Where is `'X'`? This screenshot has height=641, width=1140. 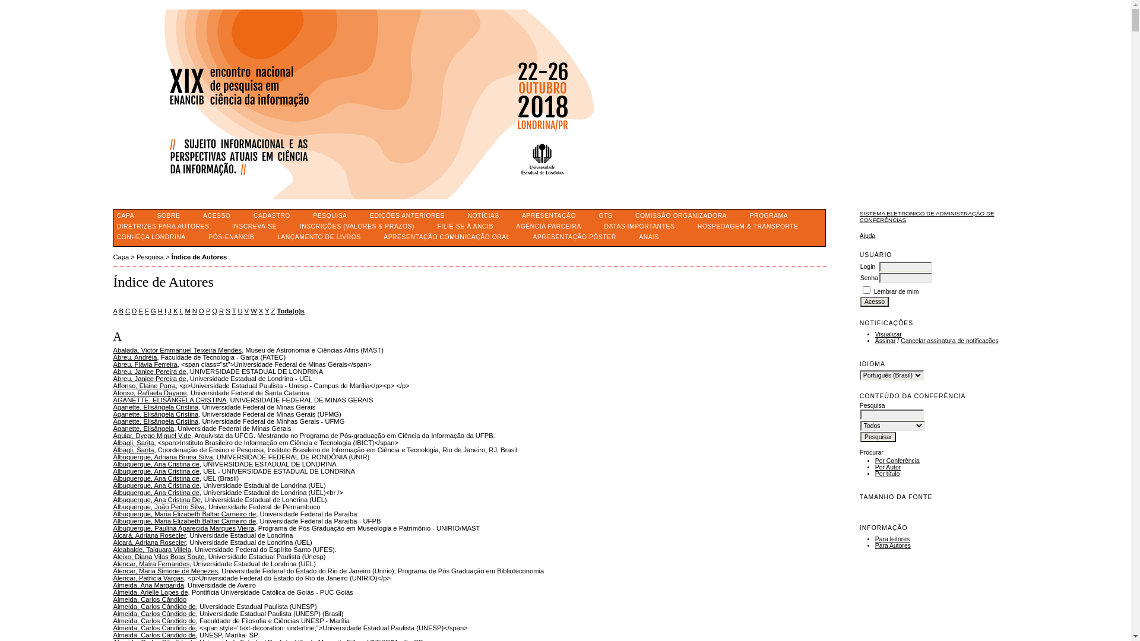 'X' is located at coordinates (260, 310).